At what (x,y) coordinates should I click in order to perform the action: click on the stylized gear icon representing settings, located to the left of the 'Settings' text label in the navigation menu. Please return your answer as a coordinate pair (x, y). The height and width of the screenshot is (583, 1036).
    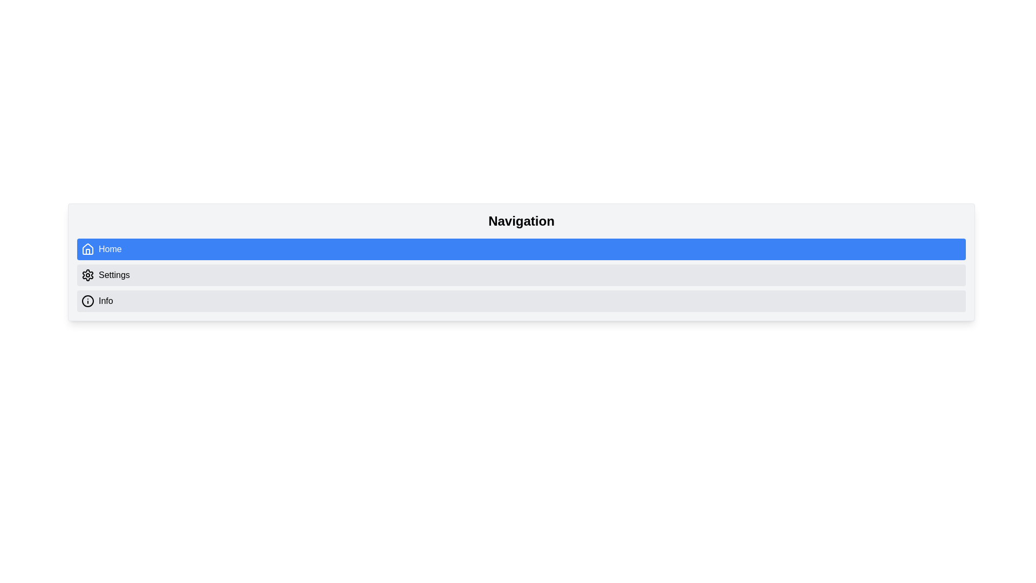
    Looking at the image, I should click on (88, 274).